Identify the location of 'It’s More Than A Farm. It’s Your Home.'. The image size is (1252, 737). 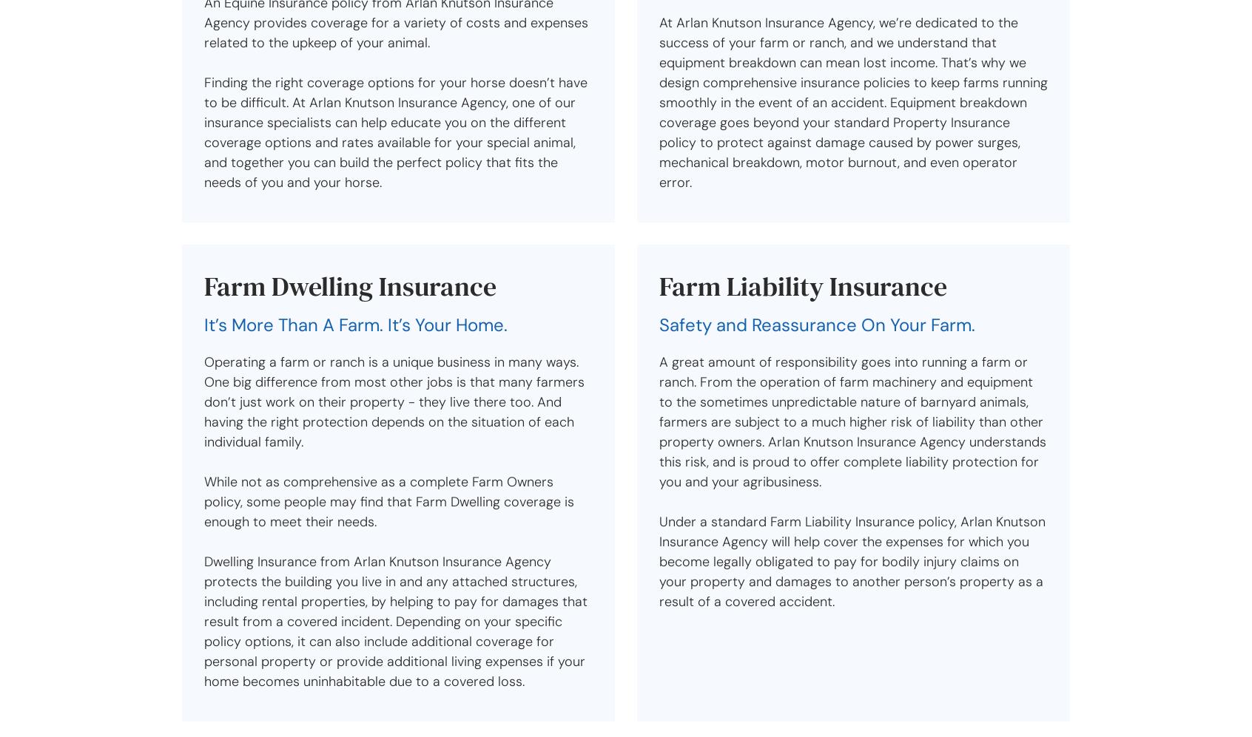
(203, 324).